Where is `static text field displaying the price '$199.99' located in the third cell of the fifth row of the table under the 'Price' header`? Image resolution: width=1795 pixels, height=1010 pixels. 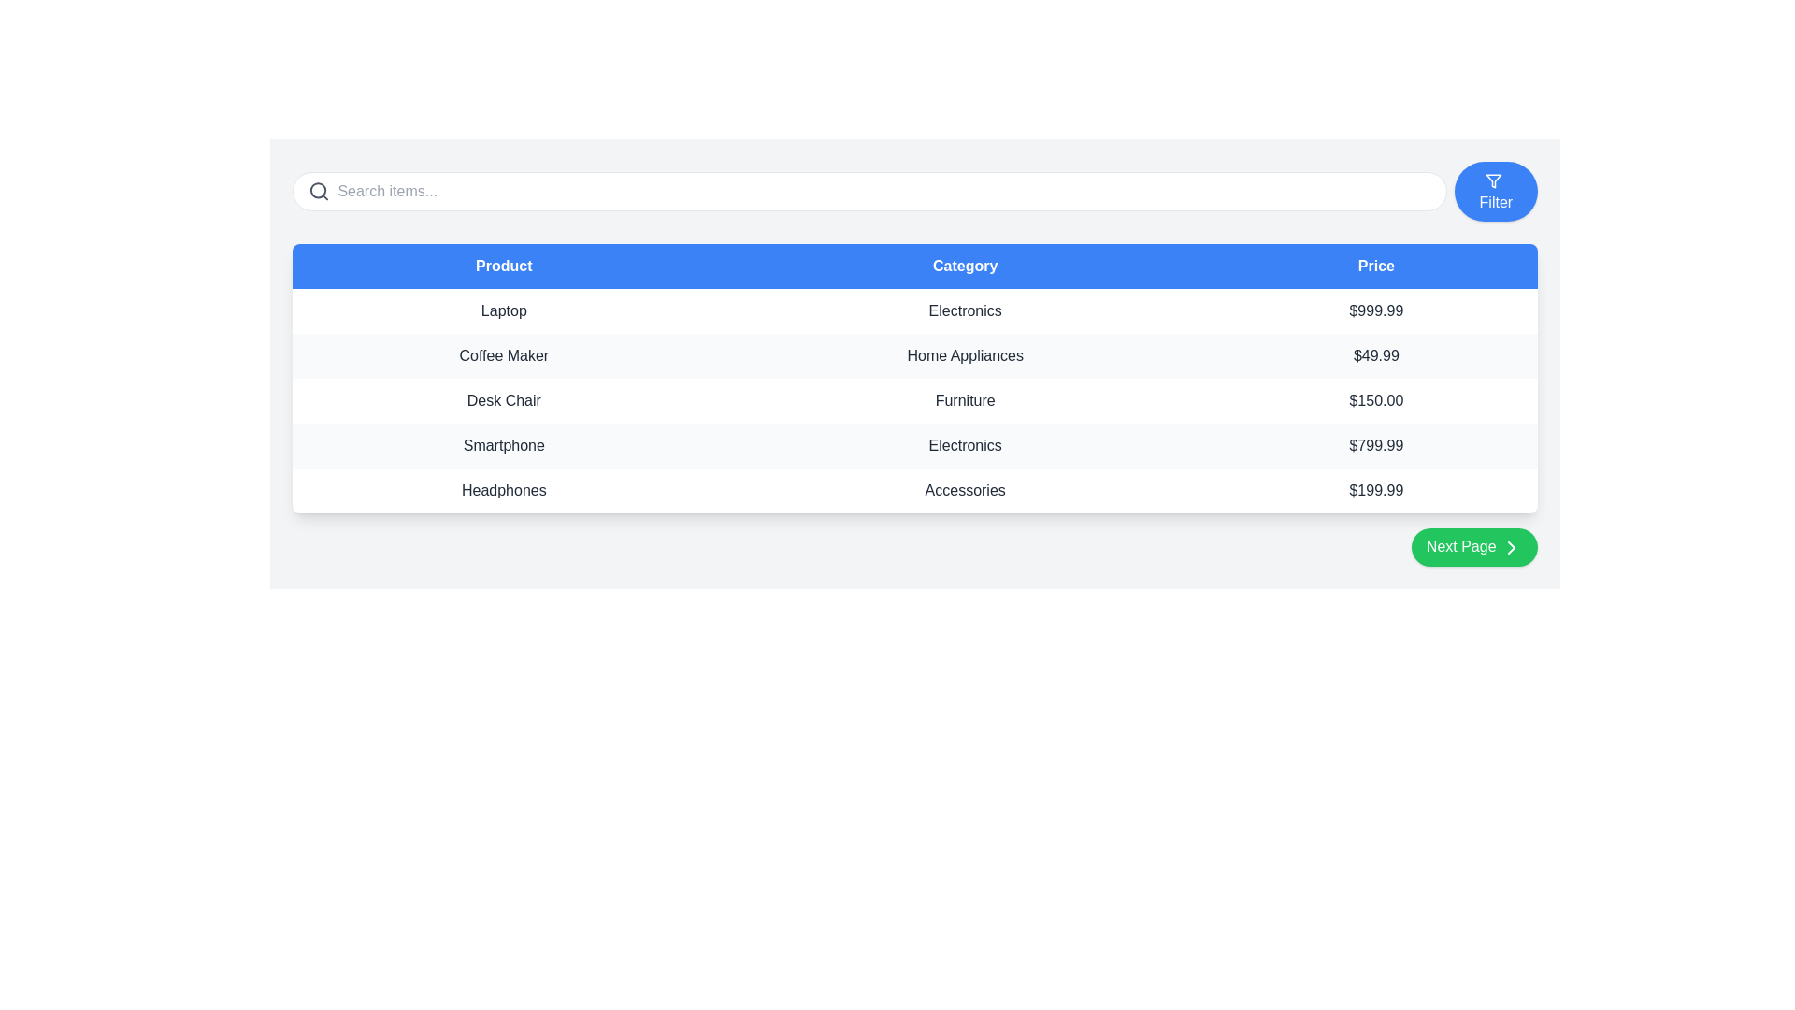
static text field displaying the price '$199.99' located in the third cell of the fifth row of the table under the 'Price' header is located at coordinates (1376, 489).